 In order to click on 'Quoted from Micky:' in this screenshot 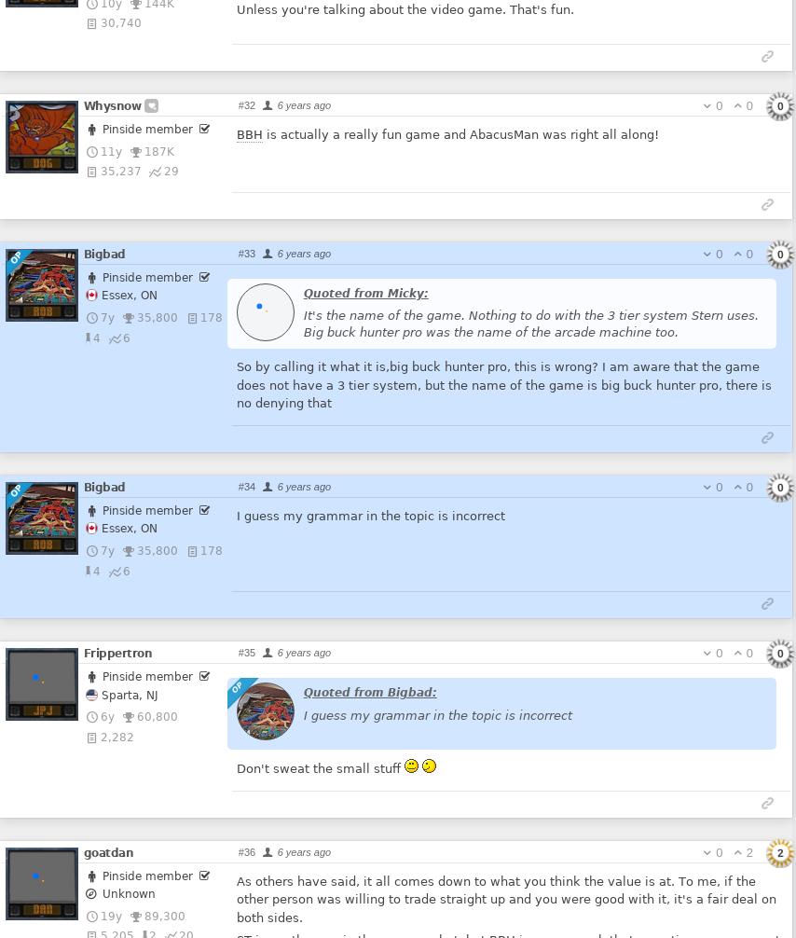, I will do `click(364, 291)`.